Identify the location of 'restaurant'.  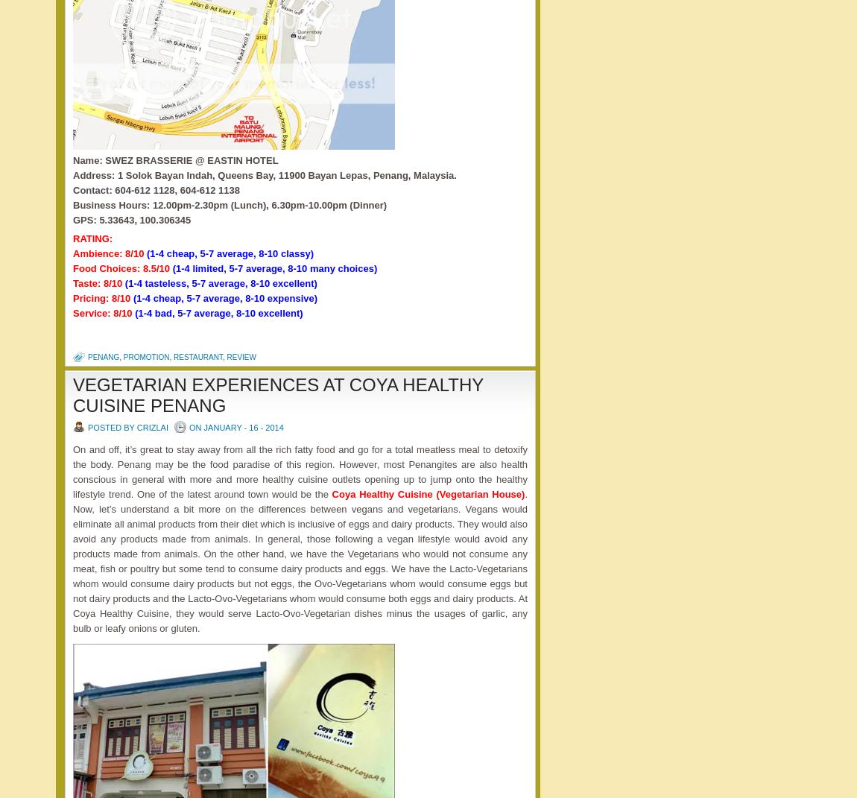
(197, 356).